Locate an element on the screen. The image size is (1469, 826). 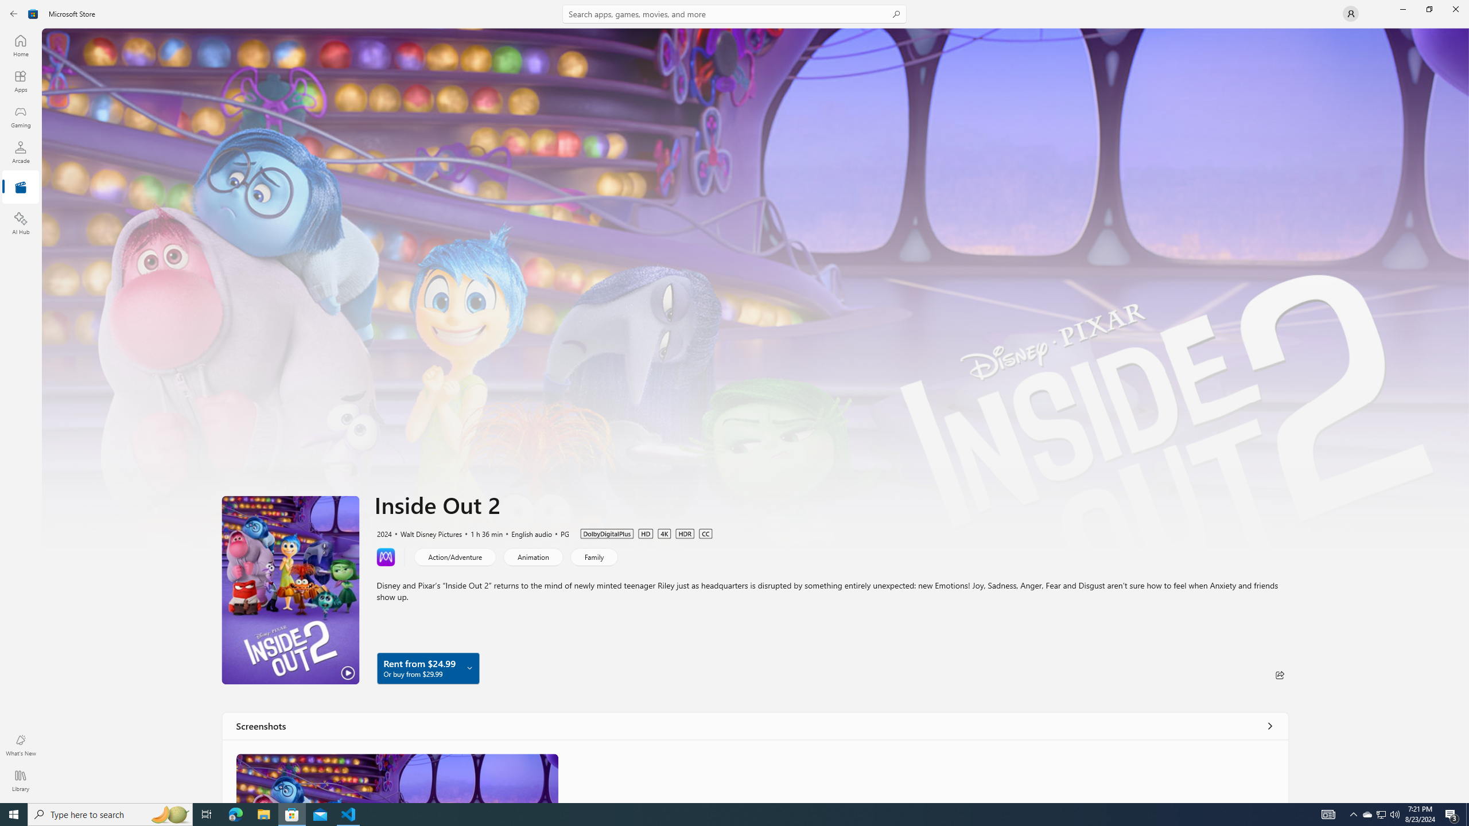
'Back' is located at coordinates (14, 13).